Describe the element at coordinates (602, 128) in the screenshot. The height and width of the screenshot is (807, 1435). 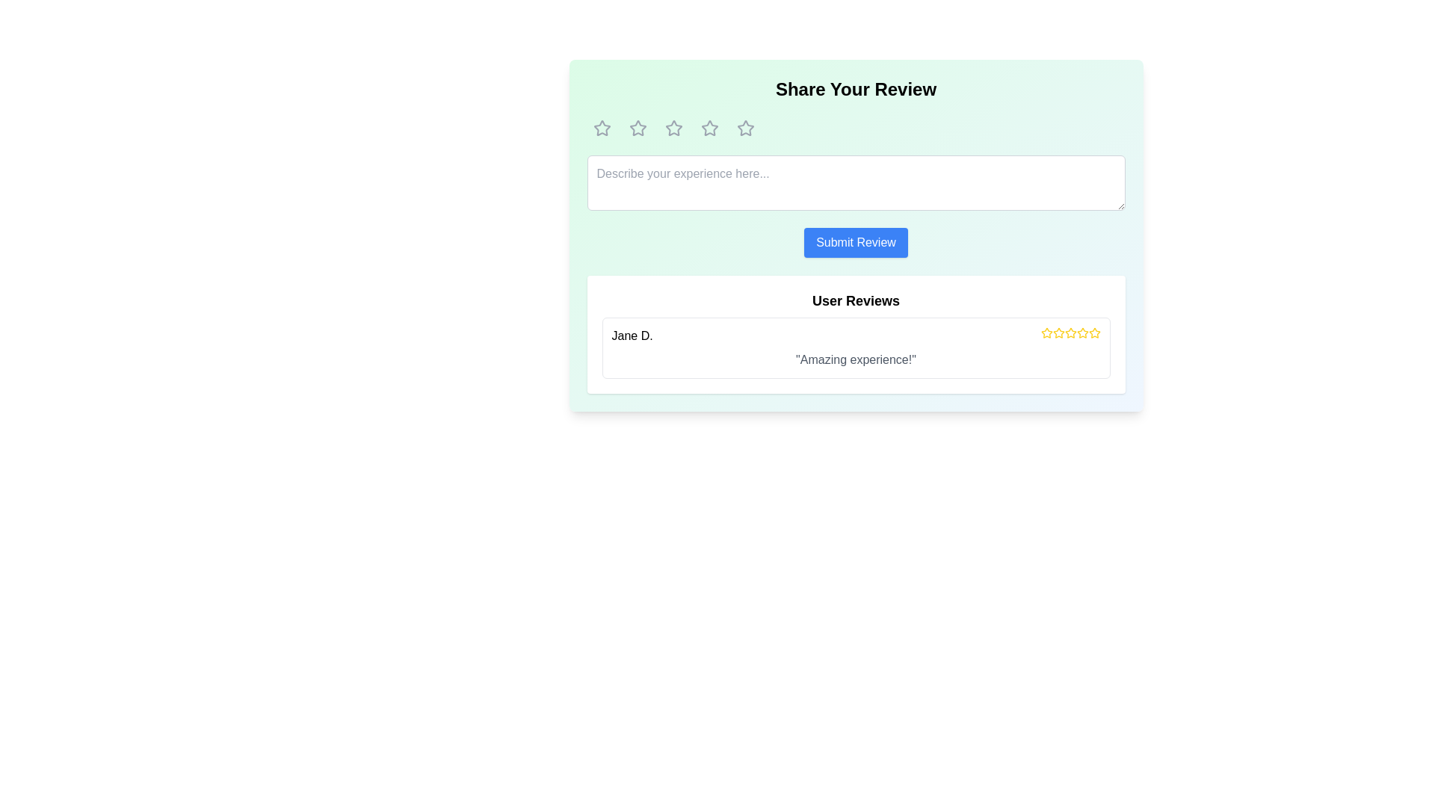
I see `the first star icon in the rating system located under the 'Share Your Review' header to provide a rating` at that location.